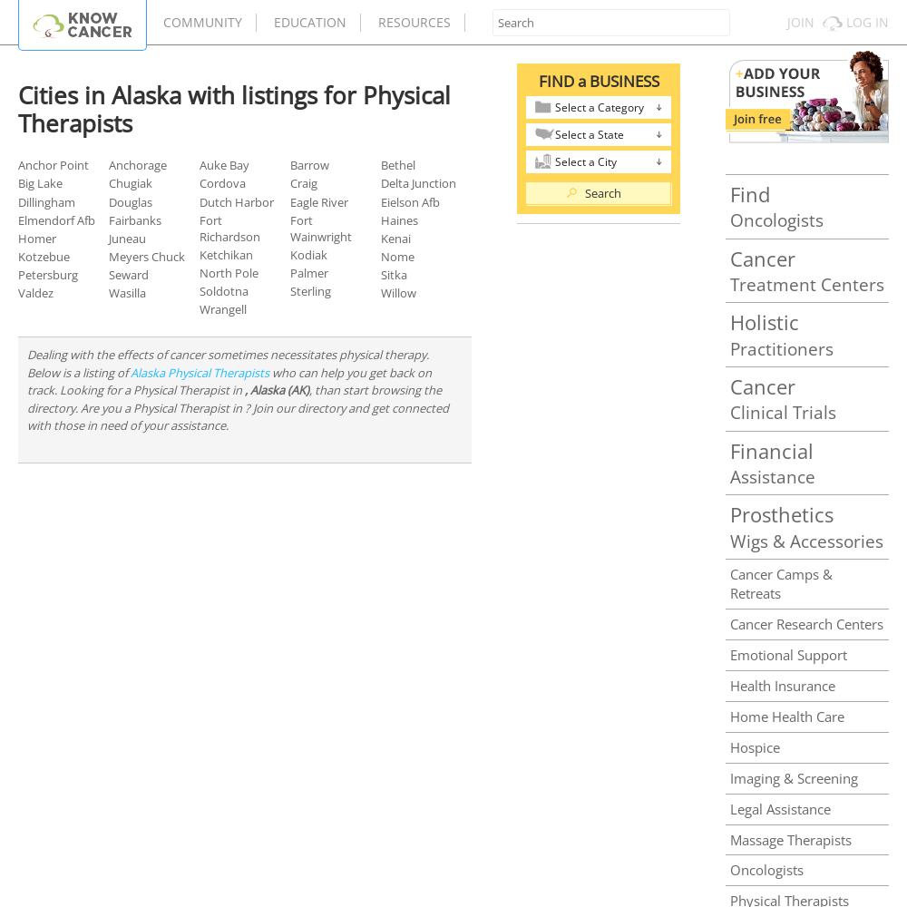 The height and width of the screenshot is (907, 907). Describe the element at coordinates (730, 746) in the screenshot. I see `'Hospice'` at that location.